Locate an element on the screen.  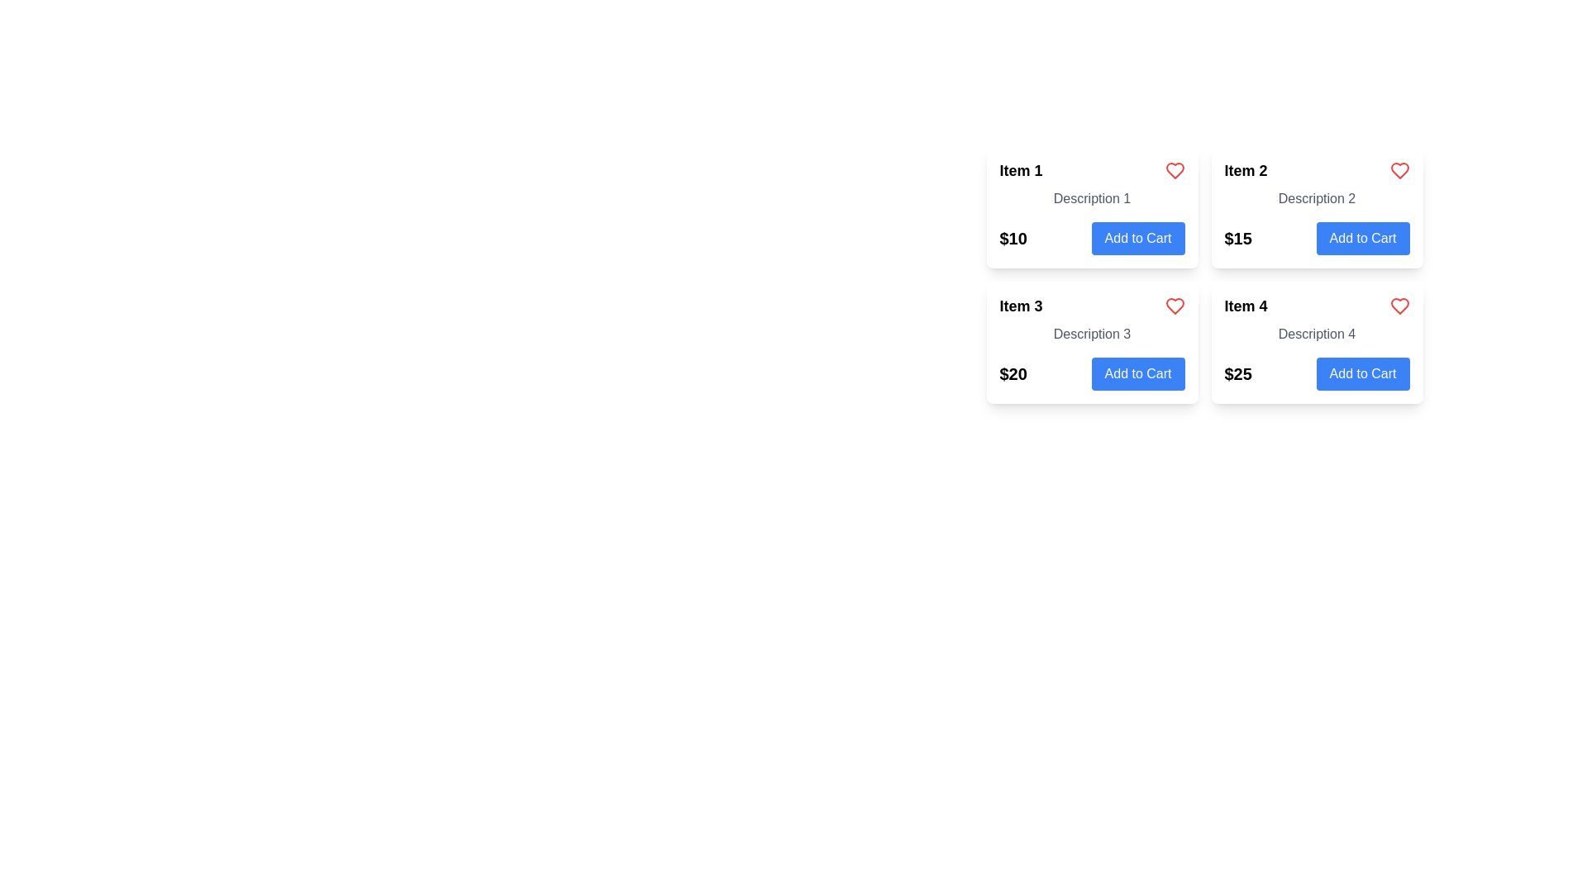
the heart-shaped clickable icon located is located at coordinates (1399, 306).